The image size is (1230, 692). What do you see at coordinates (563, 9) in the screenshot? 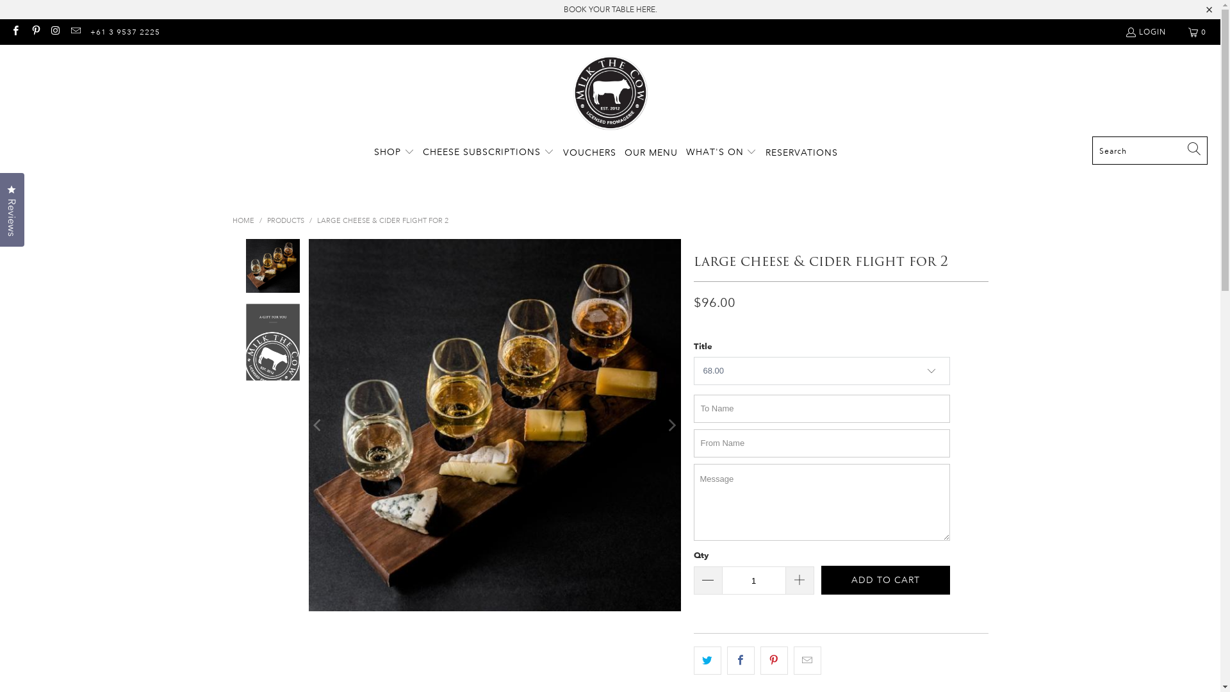
I see `'BOOK YOUR TABLE HERE.'` at bounding box center [563, 9].